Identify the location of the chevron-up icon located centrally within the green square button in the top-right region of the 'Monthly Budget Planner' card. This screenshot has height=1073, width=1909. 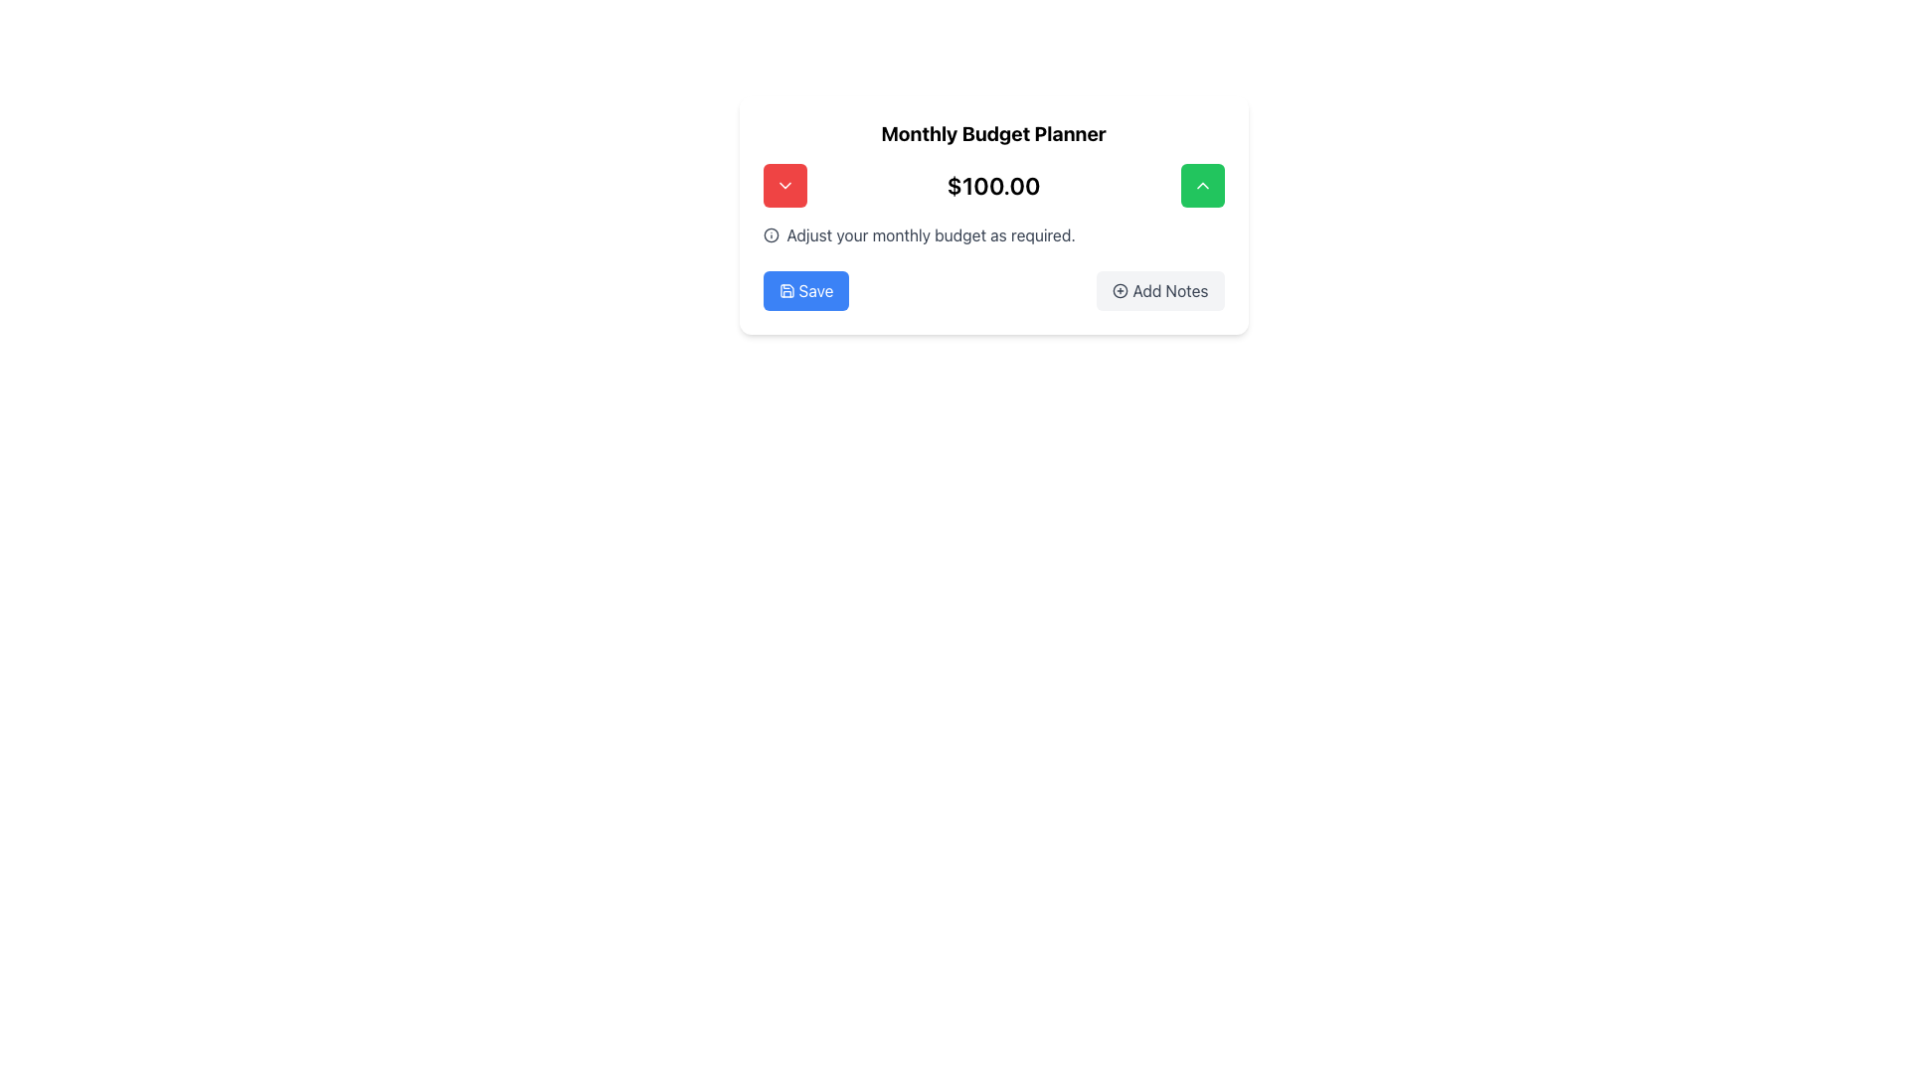
(1201, 185).